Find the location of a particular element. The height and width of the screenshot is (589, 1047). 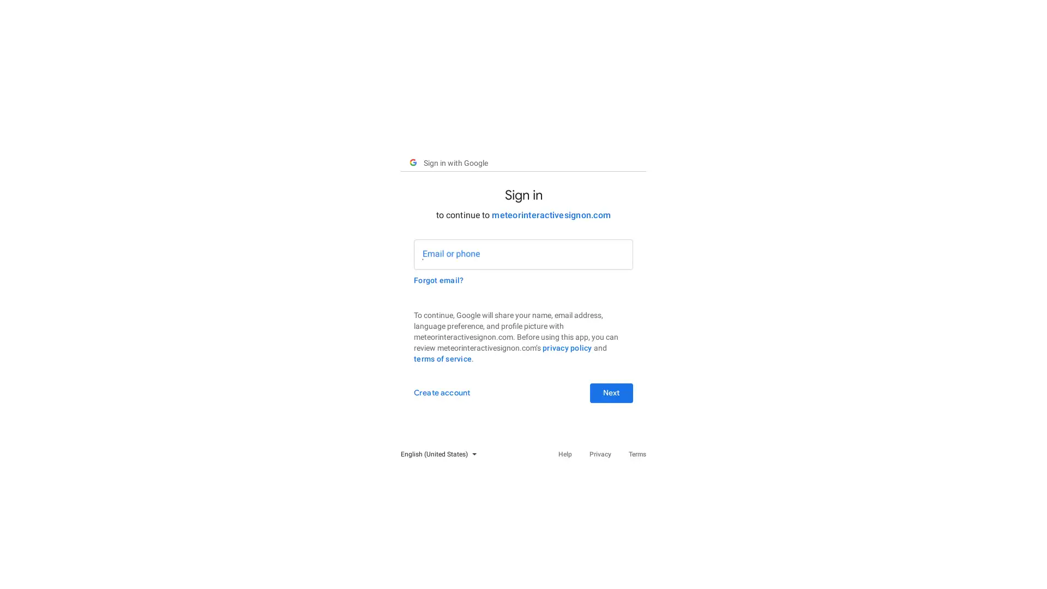

Next is located at coordinates (601, 399).